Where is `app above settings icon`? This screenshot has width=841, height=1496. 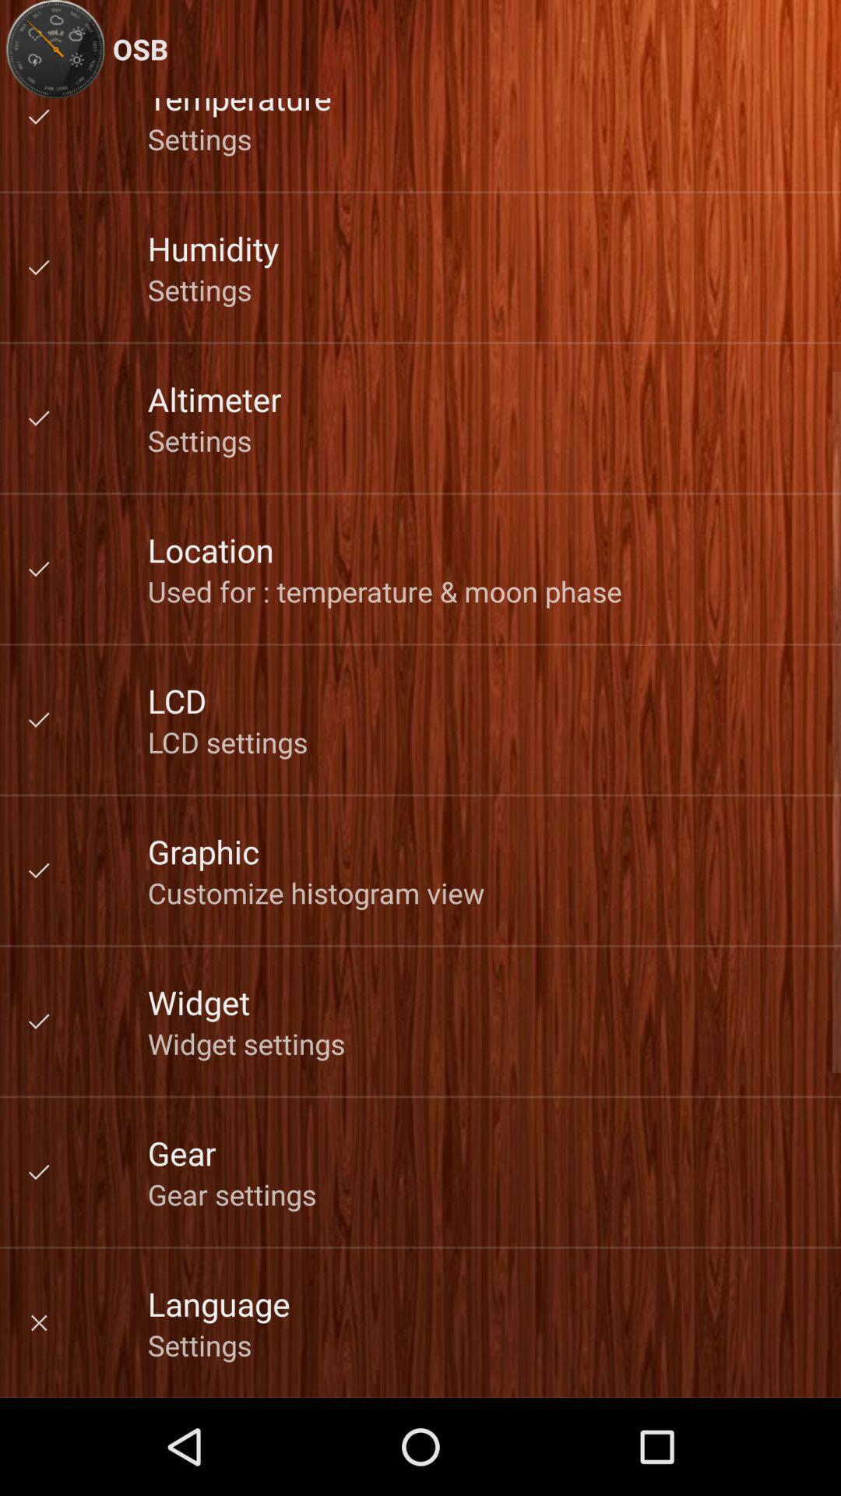
app above settings icon is located at coordinates (219, 1304).